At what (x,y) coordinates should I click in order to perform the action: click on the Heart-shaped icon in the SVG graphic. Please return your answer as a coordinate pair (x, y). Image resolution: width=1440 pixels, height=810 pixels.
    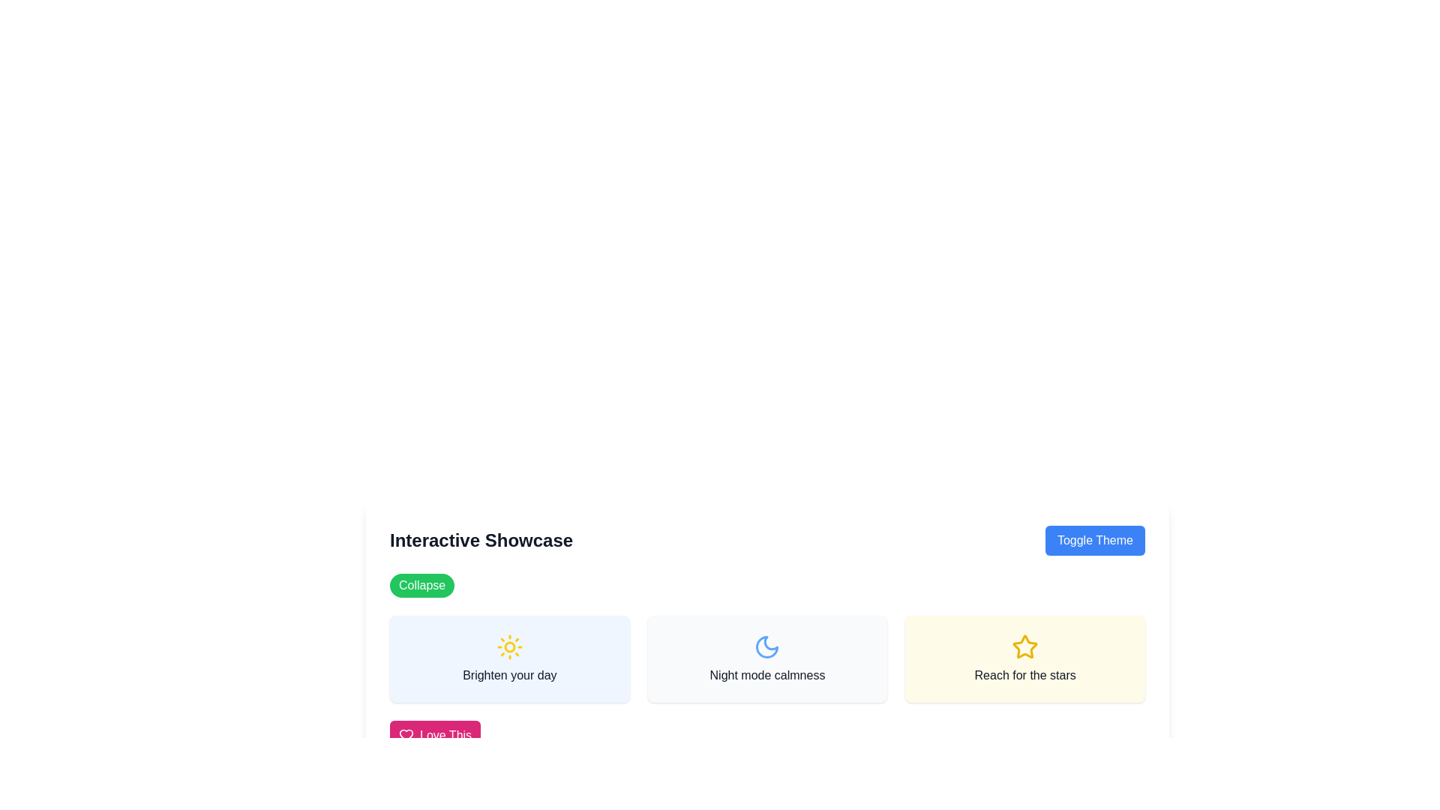
    Looking at the image, I should click on (406, 734).